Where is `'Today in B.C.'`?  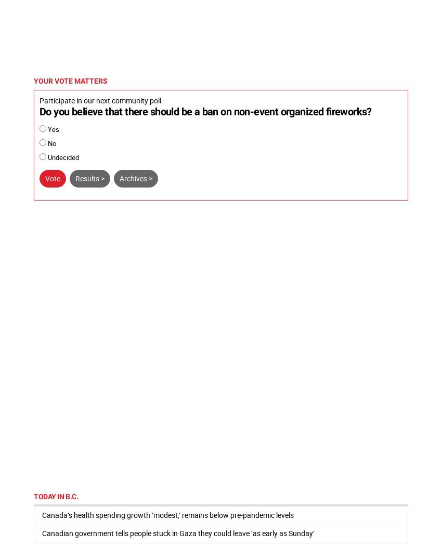 'Today in B.C.' is located at coordinates (34, 495).